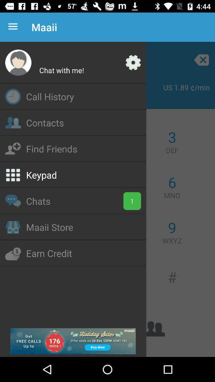 This screenshot has height=382, width=215. Describe the element at coordinates (12, 201) in the screenshot. I see `the option which is below keypad` at that location.